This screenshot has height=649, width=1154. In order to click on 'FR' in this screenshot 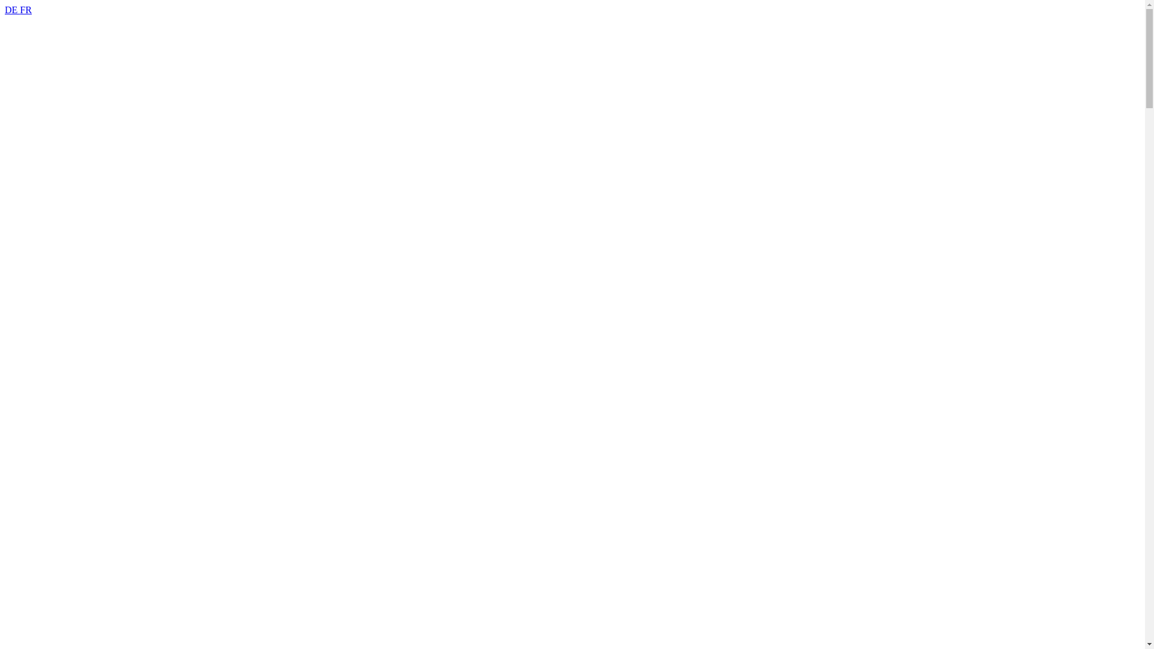, I will do `click(26, 10)`.